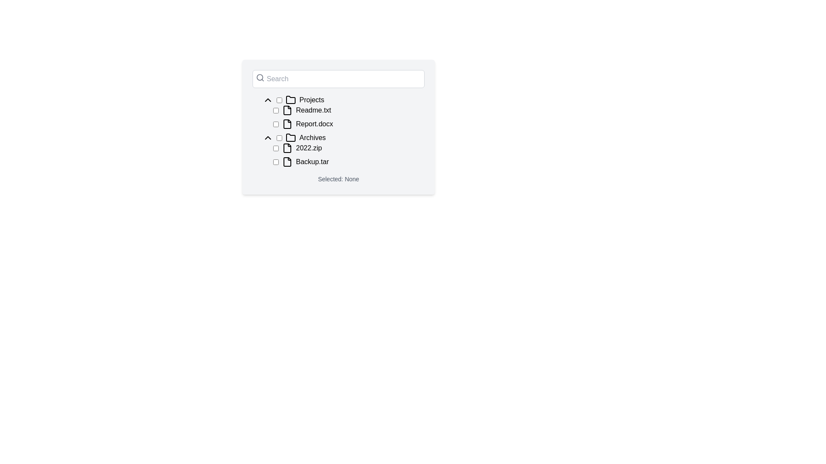  Describe the element at coordinates (287, 124) in the screenshot. I see `the file icon representing 'Report.docx'` at that location.